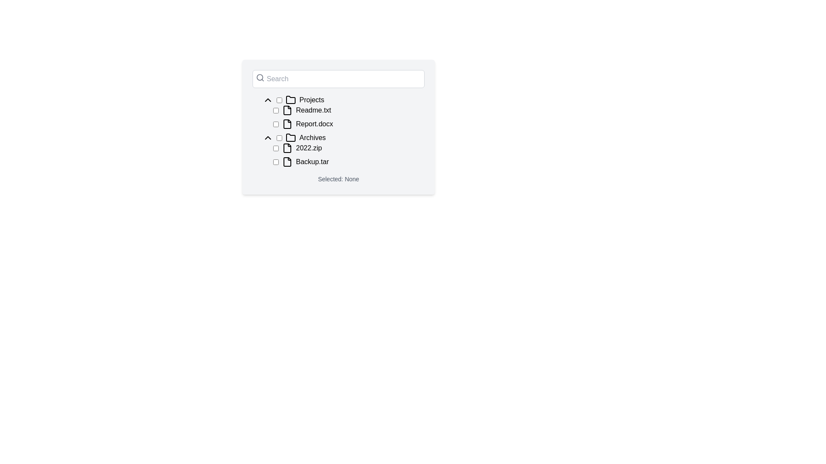  Describe the element at coordinates (287, 124) in the screenshot. I see `the file icon representing 'Report.docx'` at that location.